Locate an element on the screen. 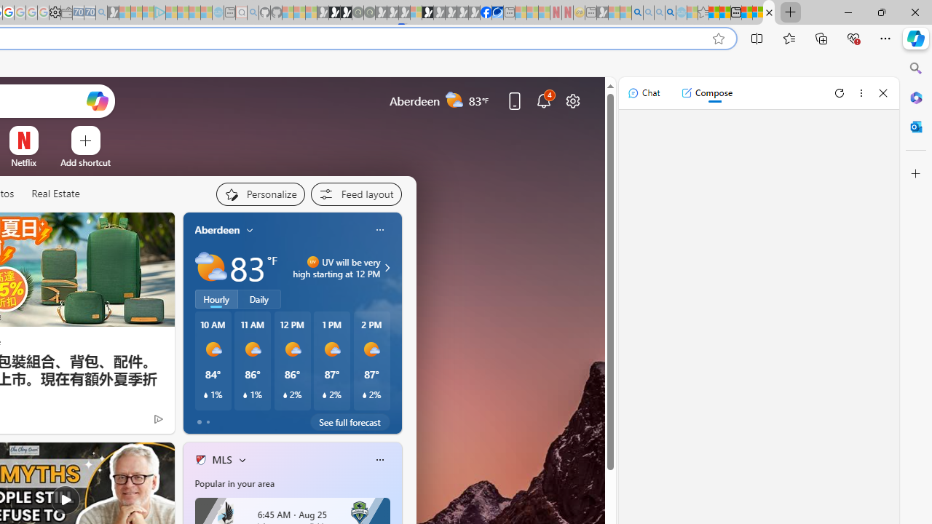  'Aberdeen, Hong Kong SAR weather forecast | Microsoft Weather' is located at coordinates (725, 12).